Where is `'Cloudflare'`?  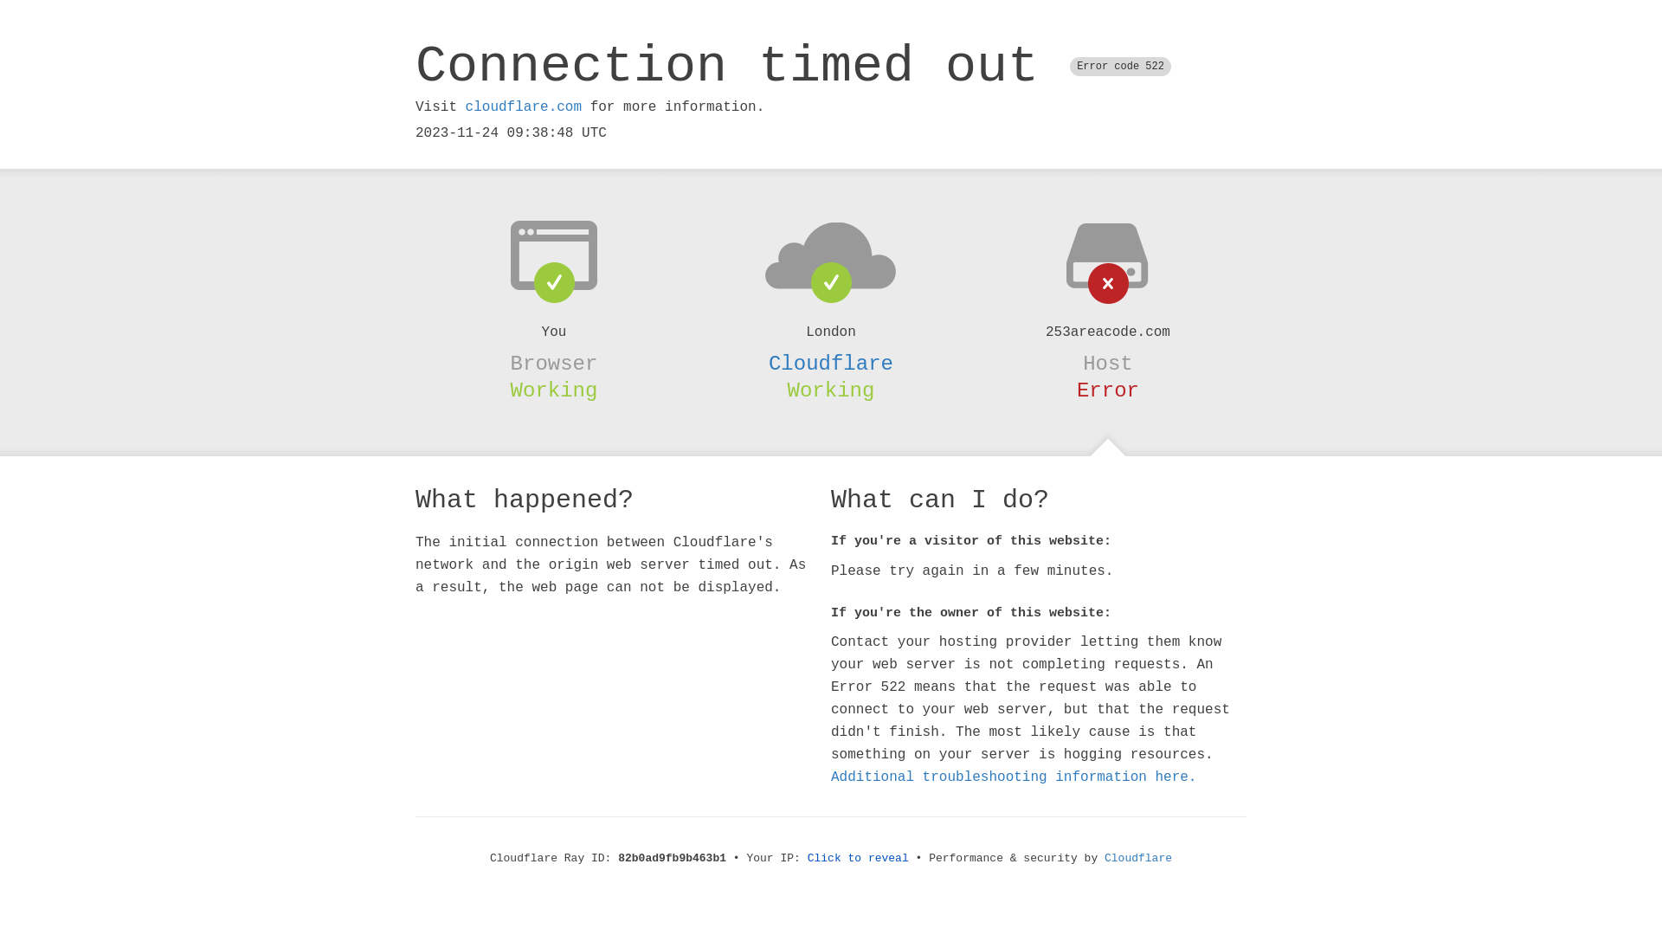
'Cloudflare' is located at coordinates (831, 363).